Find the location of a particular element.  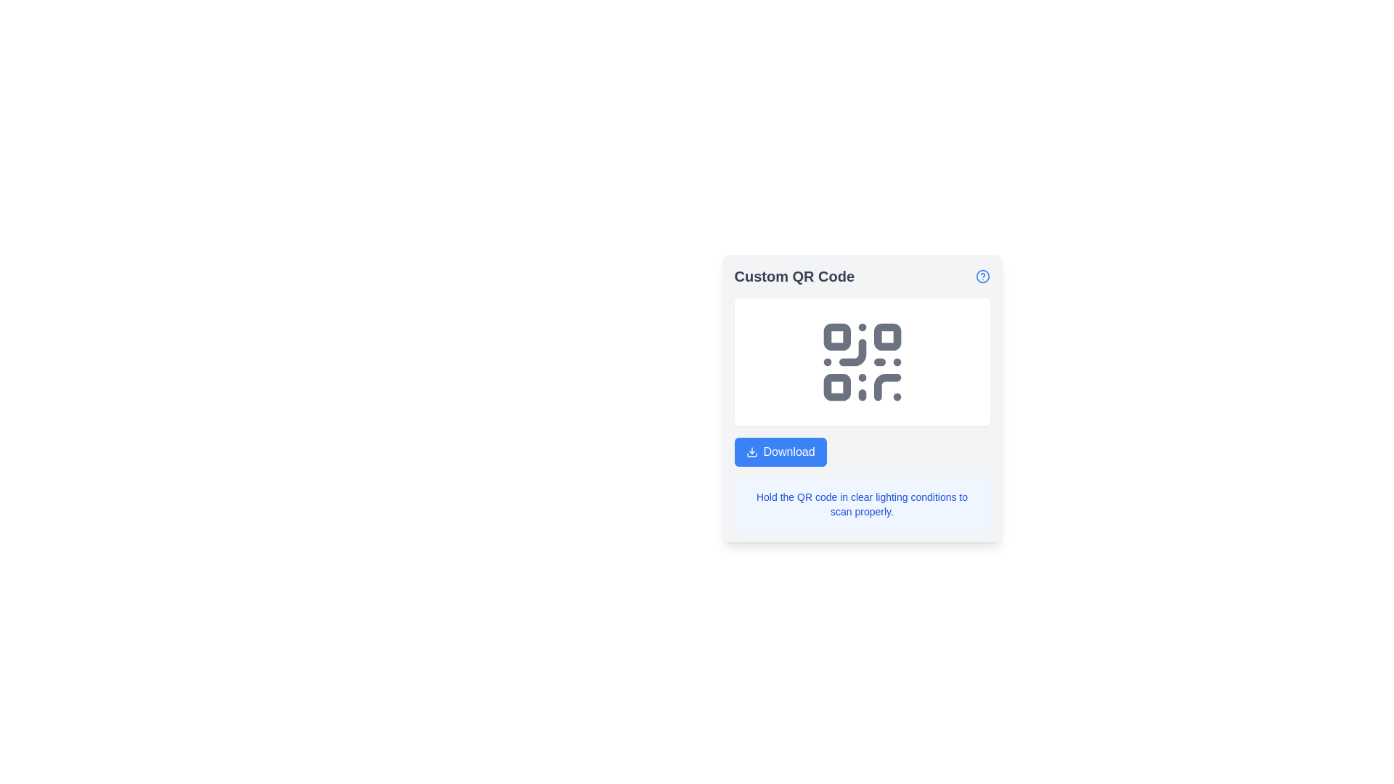

the graphical component in the upper-right corner of the QR code displayed in the 'Custom QR Code' section is located at coordinates (886, 337).